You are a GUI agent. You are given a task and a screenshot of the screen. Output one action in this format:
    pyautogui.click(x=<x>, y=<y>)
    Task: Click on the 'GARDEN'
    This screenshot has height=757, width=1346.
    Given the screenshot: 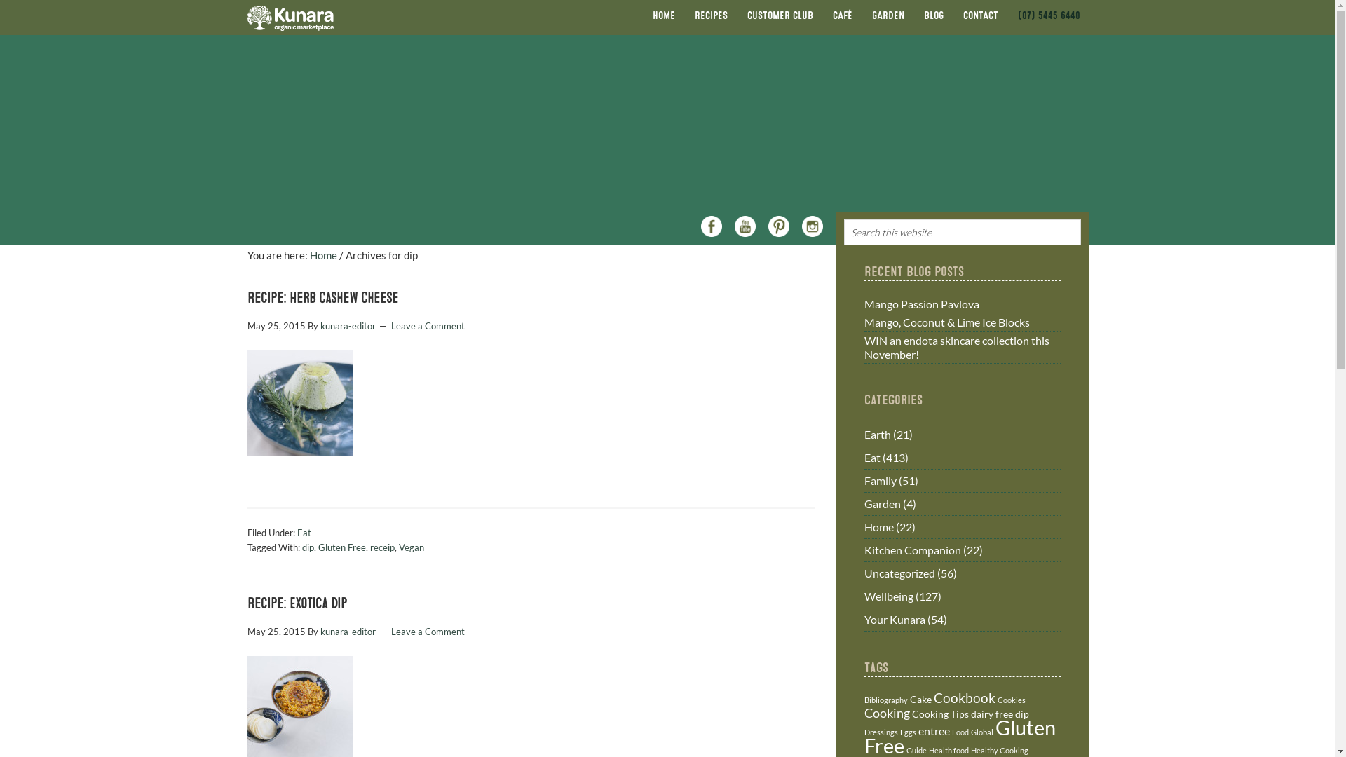 What is the action you would take?
    pyautogui.click(x=888, y=15)
    